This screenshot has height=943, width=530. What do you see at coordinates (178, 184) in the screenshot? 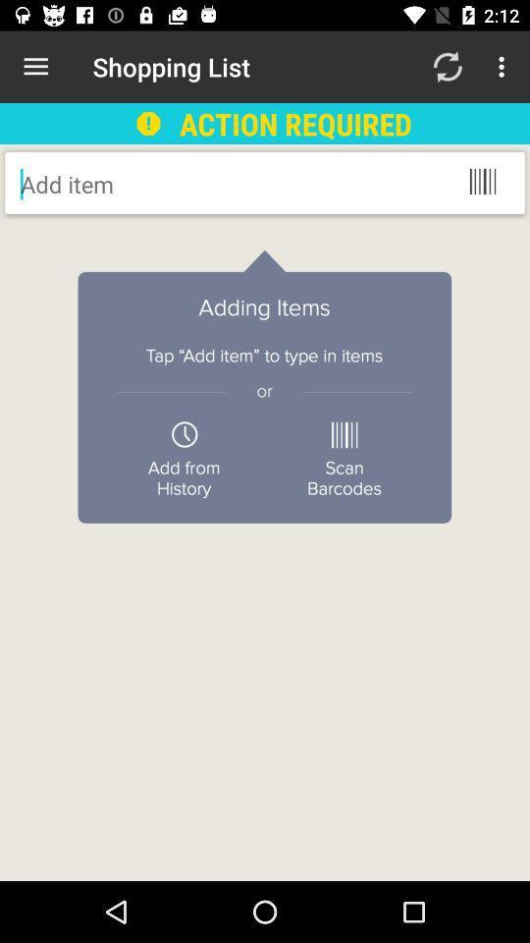
I see `type in items` at bounding box center [178, 184].